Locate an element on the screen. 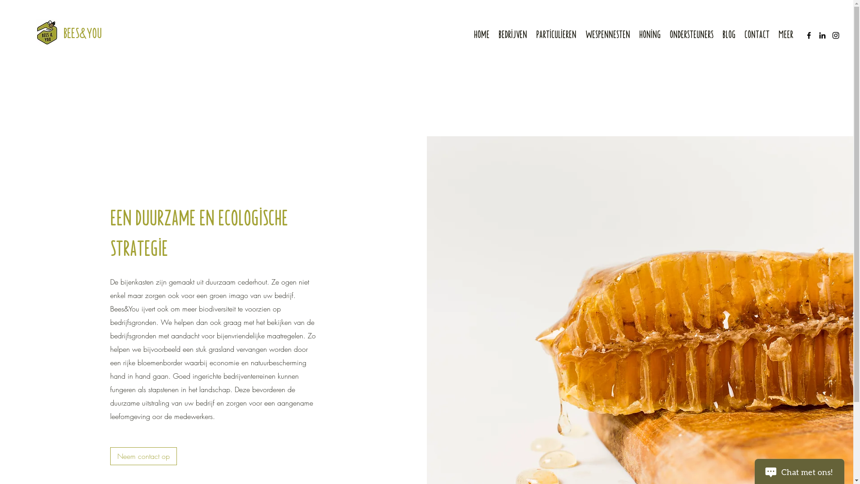 Image resolution: width=860 pixels, height=484 pixels. 'Particulieren' is located at coordinates (556, 33).